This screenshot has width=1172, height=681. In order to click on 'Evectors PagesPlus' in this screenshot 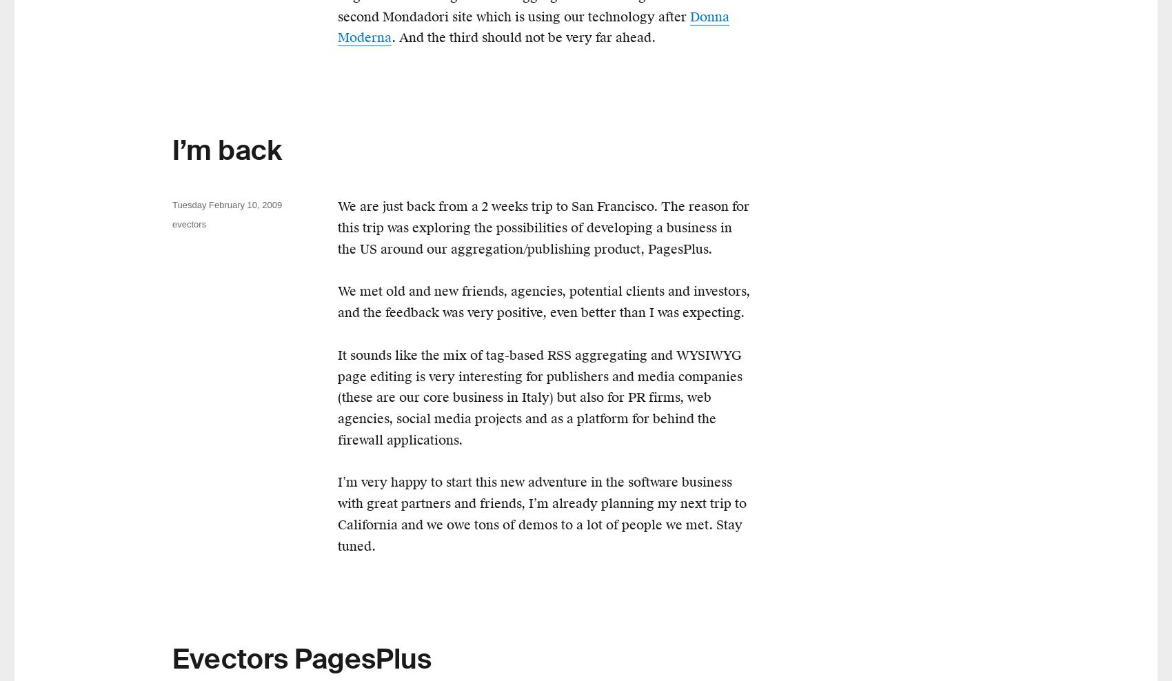, I will do `click(301, 658)`.